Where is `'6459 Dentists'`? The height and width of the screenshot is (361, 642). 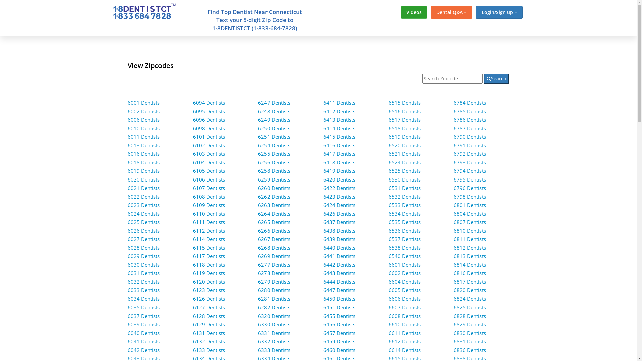 '6459 Dentists' is located at coordinates (323, 341).